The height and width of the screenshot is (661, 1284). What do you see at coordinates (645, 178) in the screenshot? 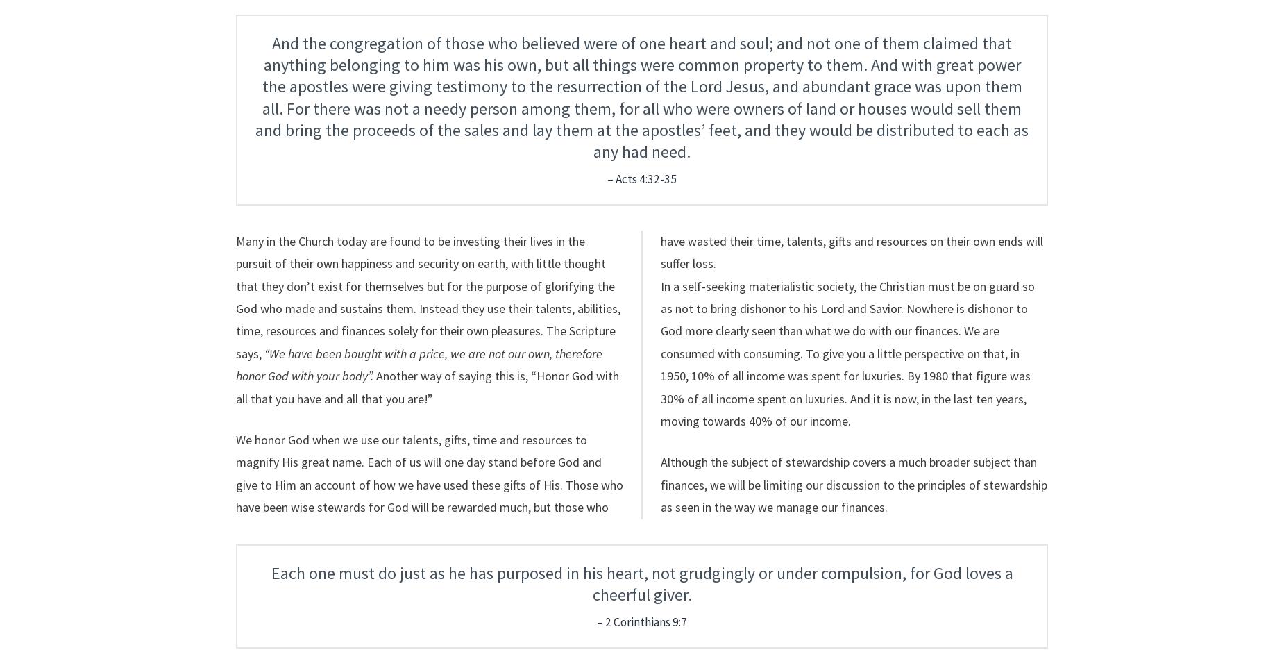
I see `'Acts 4:32-35'` at bounding box center [645, 178].